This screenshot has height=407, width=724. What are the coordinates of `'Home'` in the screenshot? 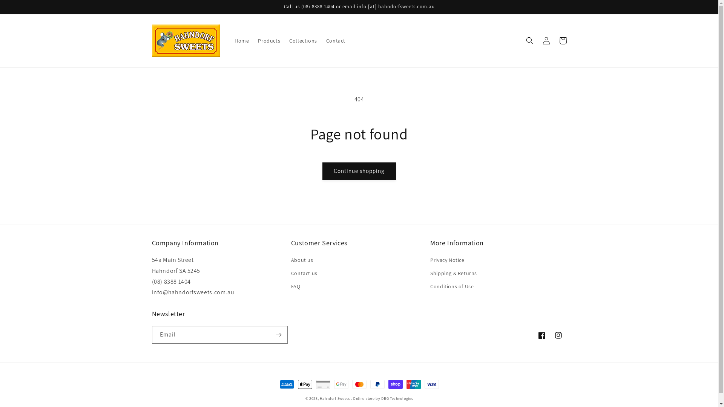 It's located at (229, 41).